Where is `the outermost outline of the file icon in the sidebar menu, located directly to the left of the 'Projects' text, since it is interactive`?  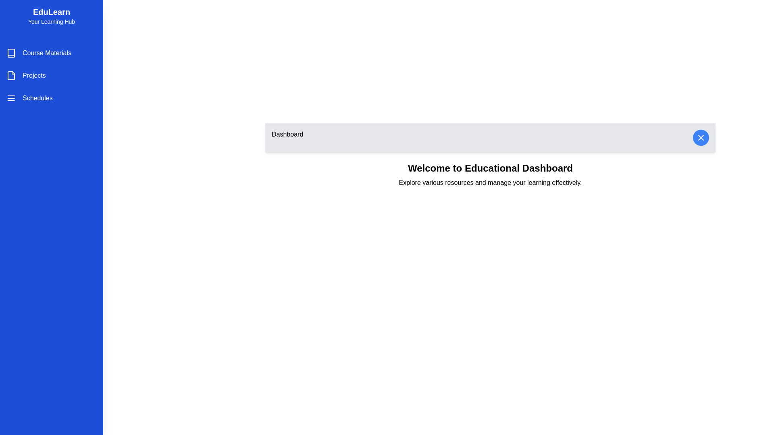
the outermost outline of the file icon in the sidebar menu, located directly to the left of the 'Projects' text, since it is interactive is located at coordinates (11, 76).